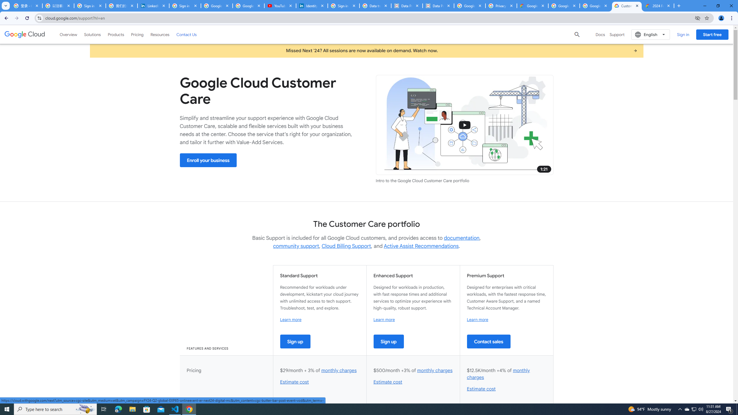 The height and width of the screenshot is (415, 738). Describe the element at coordinates (481, 389) in the screenshot. I see `'Estimate cost'` at that location.